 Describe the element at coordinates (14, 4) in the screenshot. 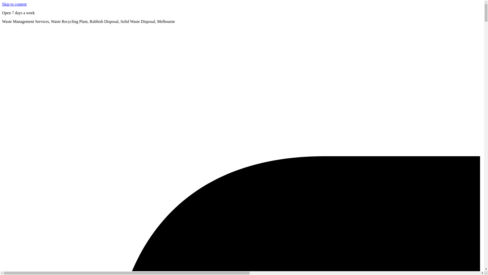

I see `'Skip to content'` at that location.